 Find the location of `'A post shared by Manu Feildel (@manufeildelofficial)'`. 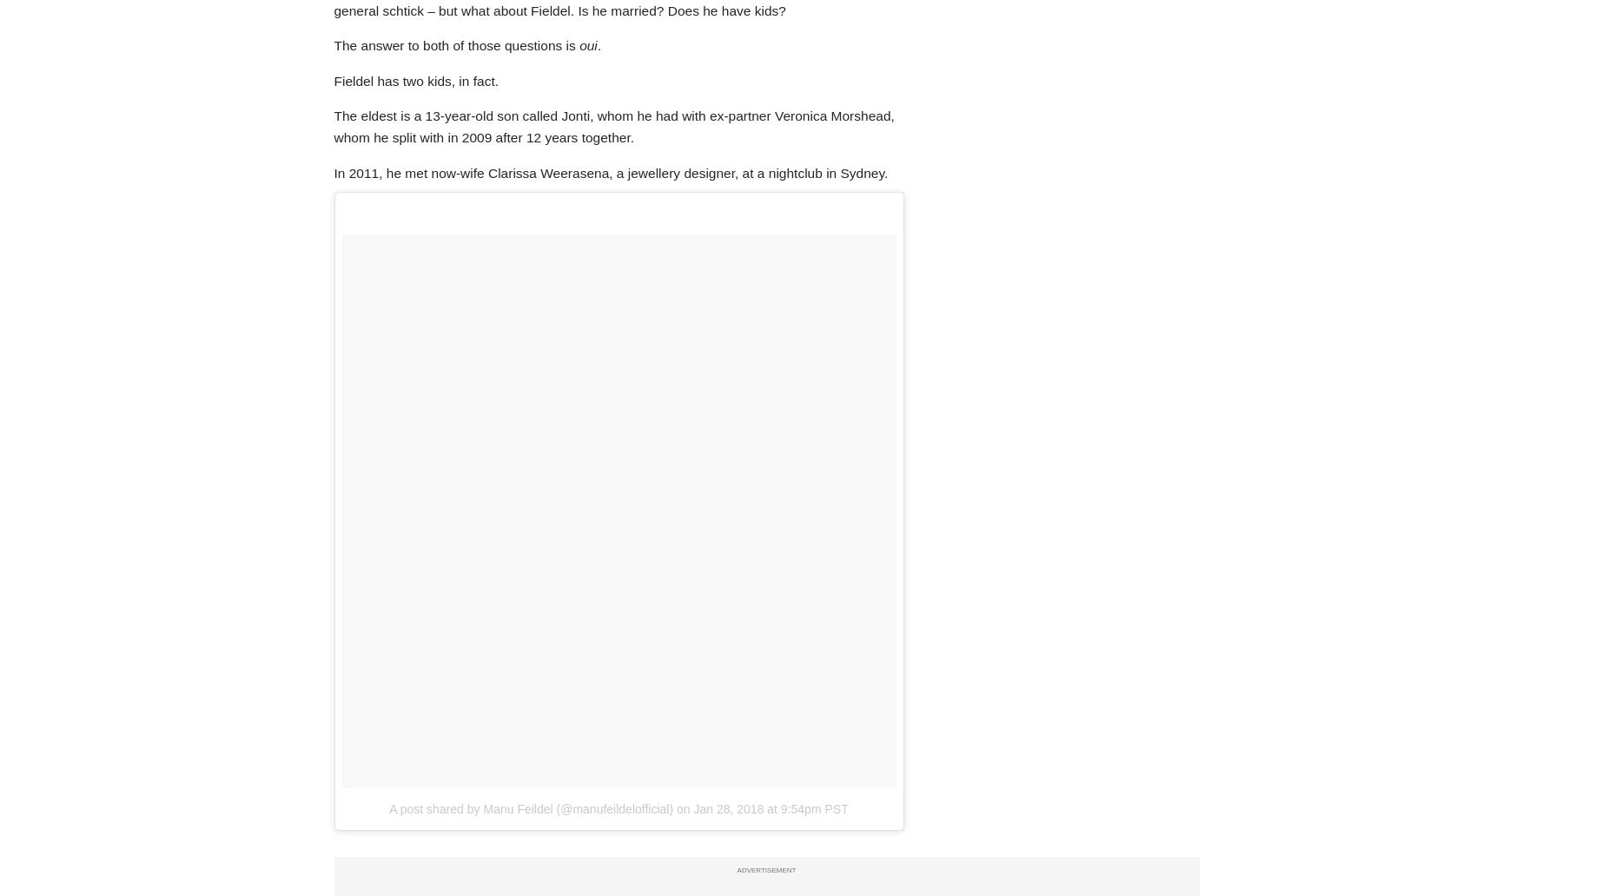

'A post shared by Manu Feildel (@manufeildelofficial)' is located at coordinates (530, 807).